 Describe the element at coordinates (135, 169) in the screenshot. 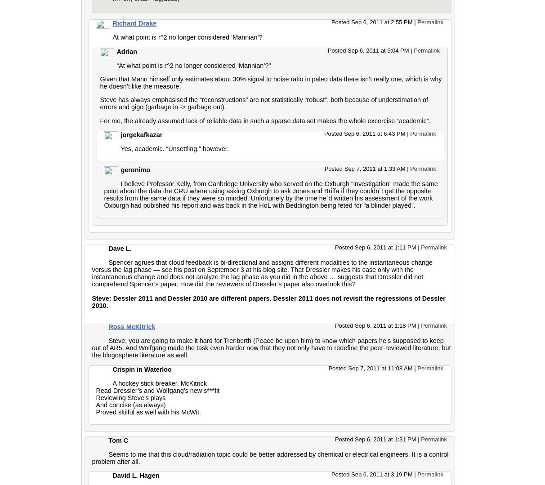

I see `'geronimo'` at that location.